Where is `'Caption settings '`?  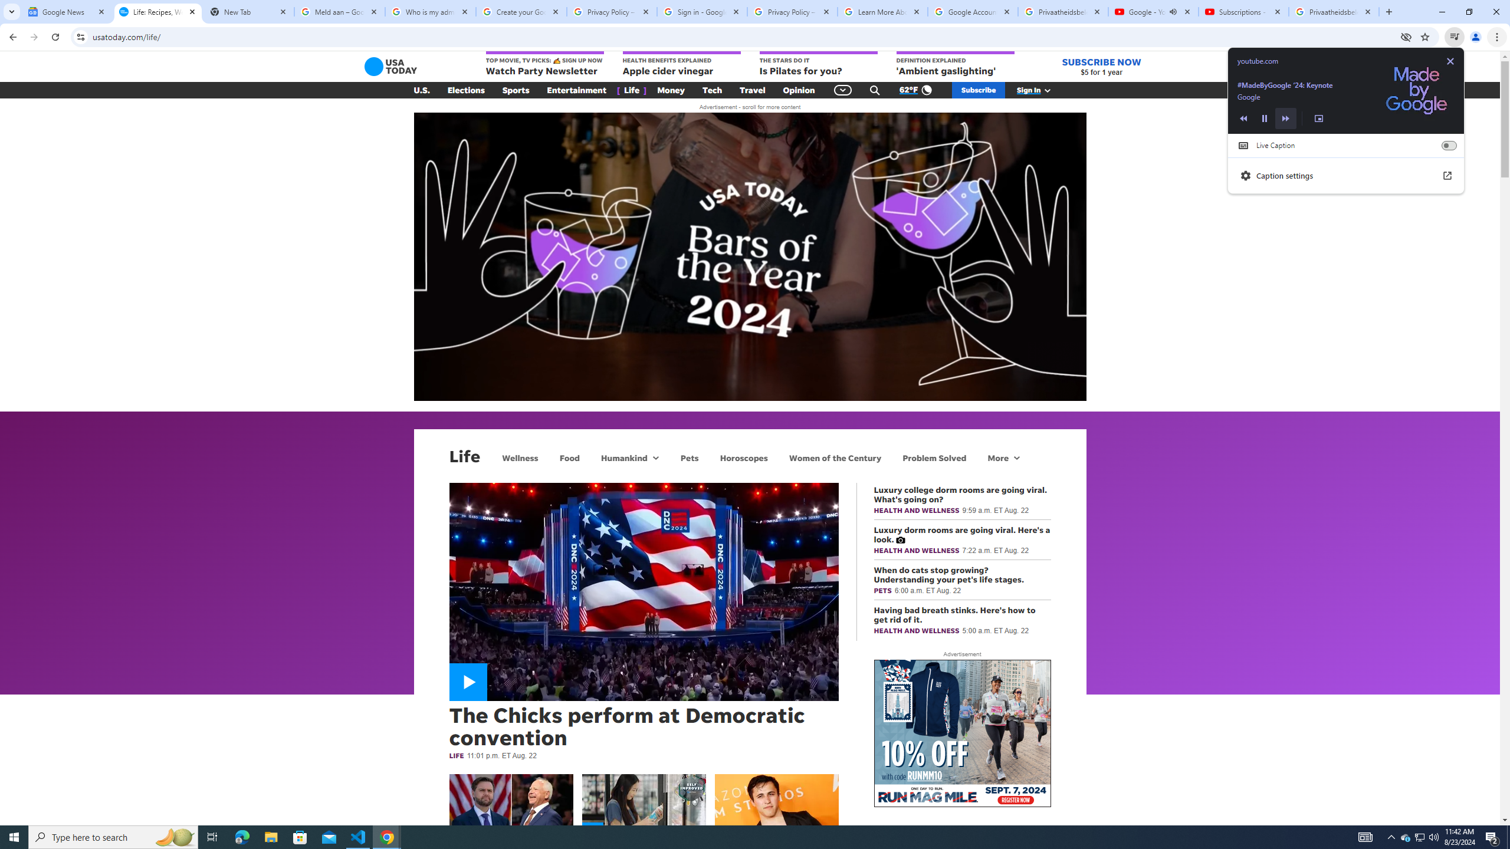 'Caption settings ' is located at coordinates (1346, 176).